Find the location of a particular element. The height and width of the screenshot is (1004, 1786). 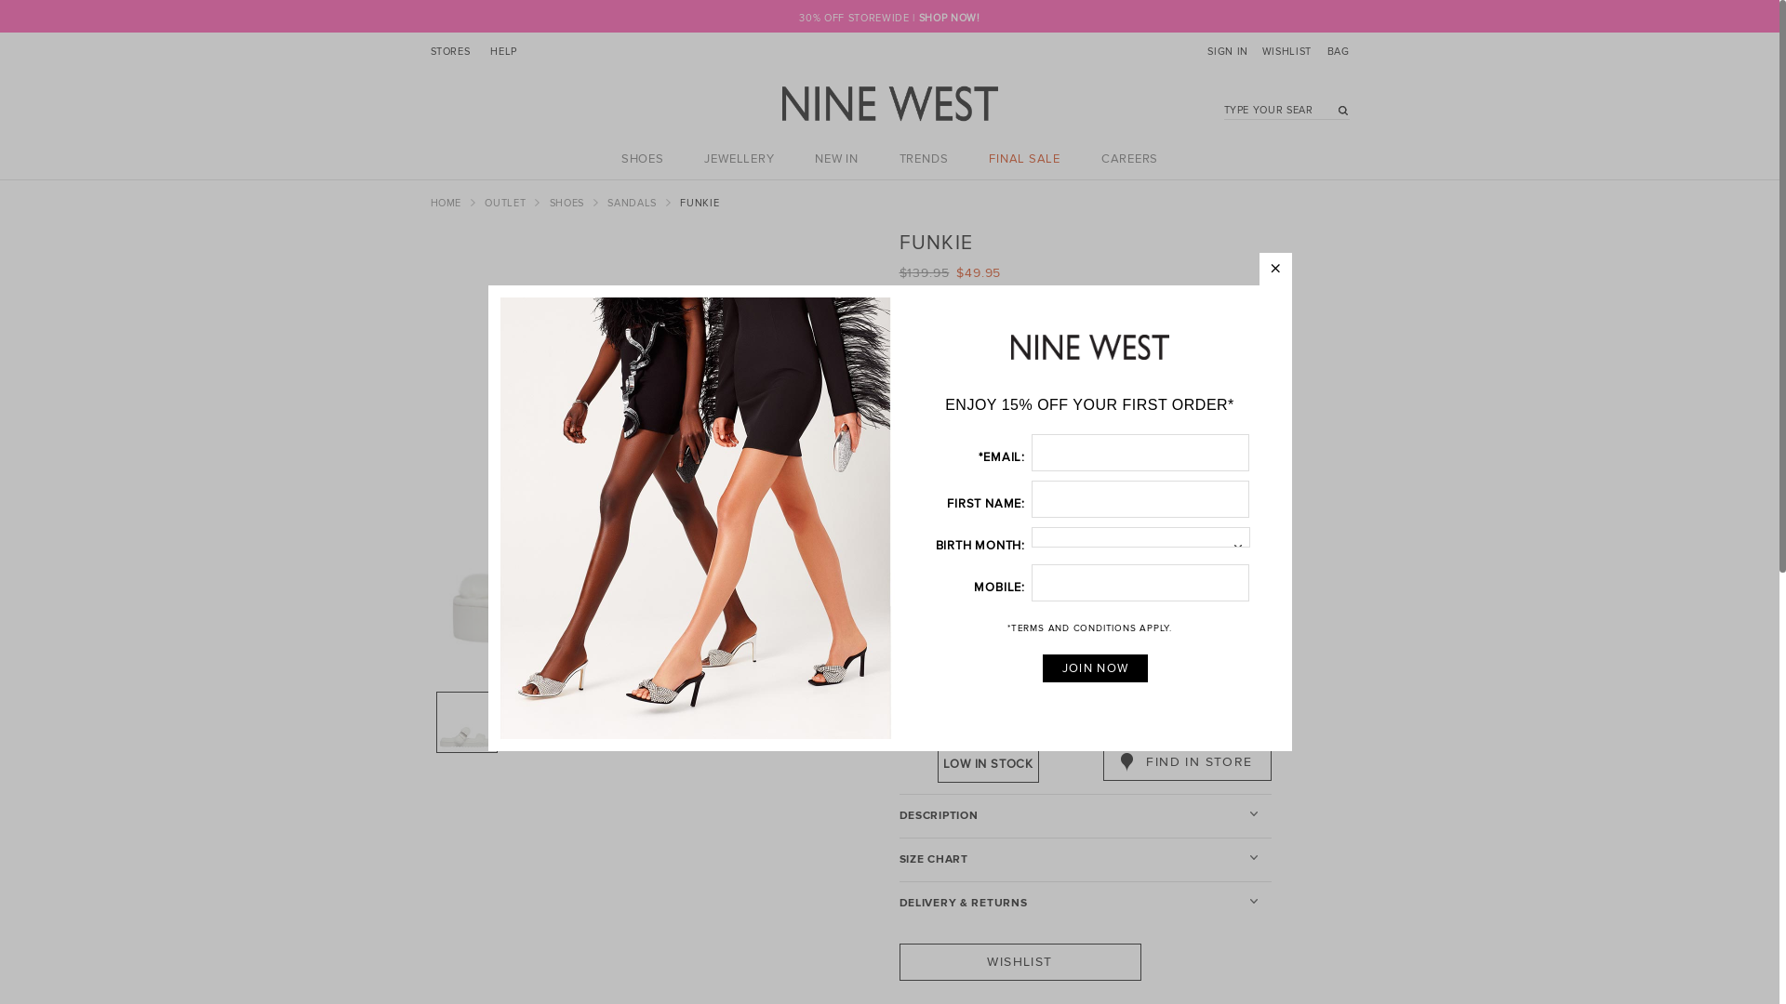

'10' is located at coordinates (1151, 487).